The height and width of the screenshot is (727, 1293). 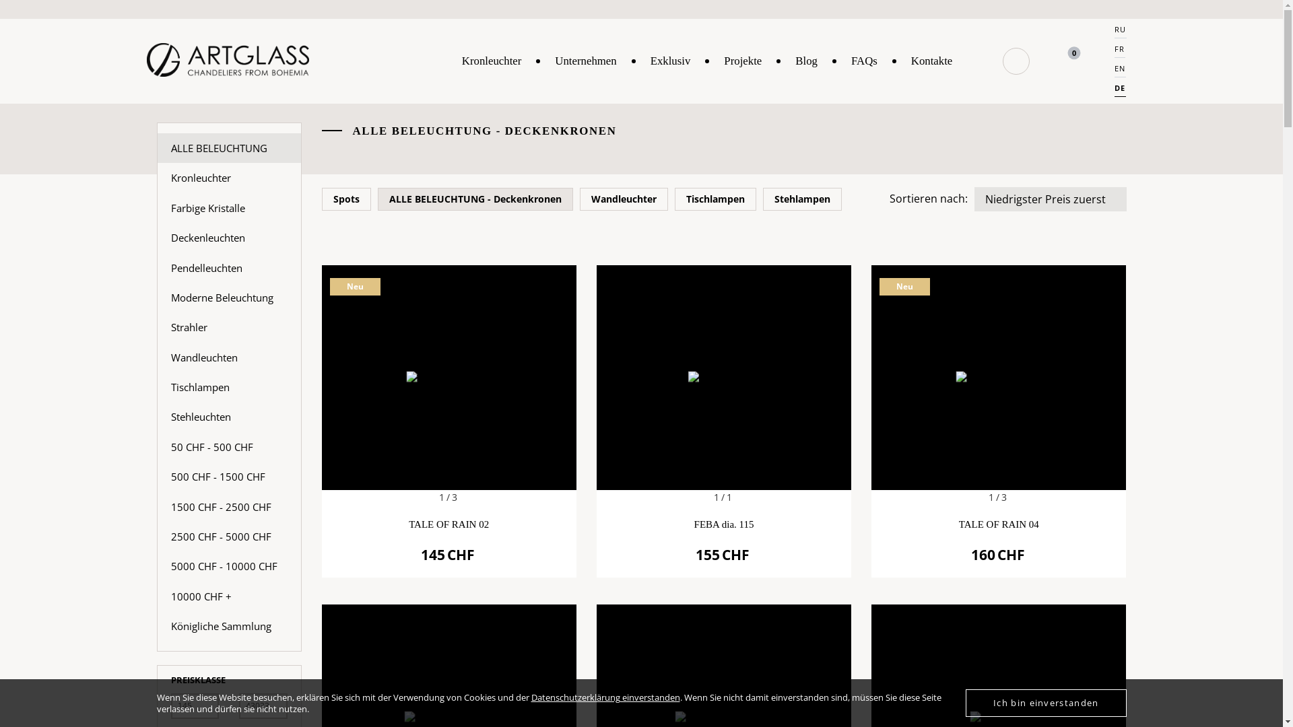 I want to click on 'FR', so click(x=1119, y=50).